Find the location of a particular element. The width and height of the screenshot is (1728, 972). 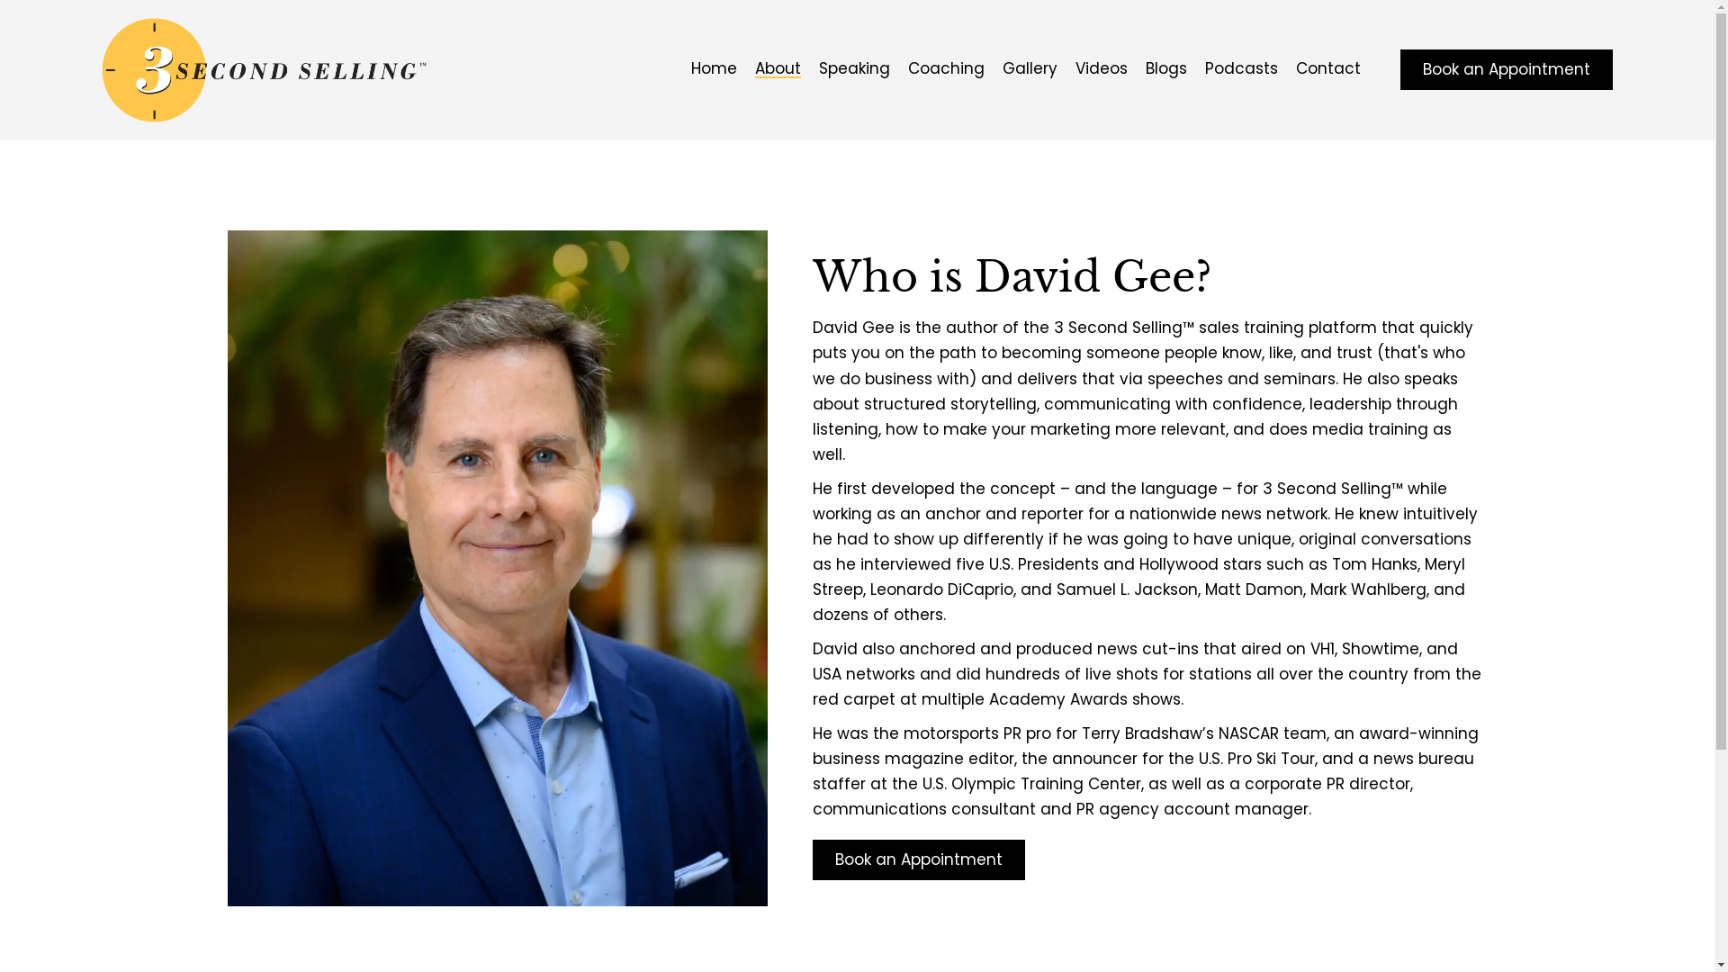

'Book an Appointment' is located at coordinates (1399, 68).